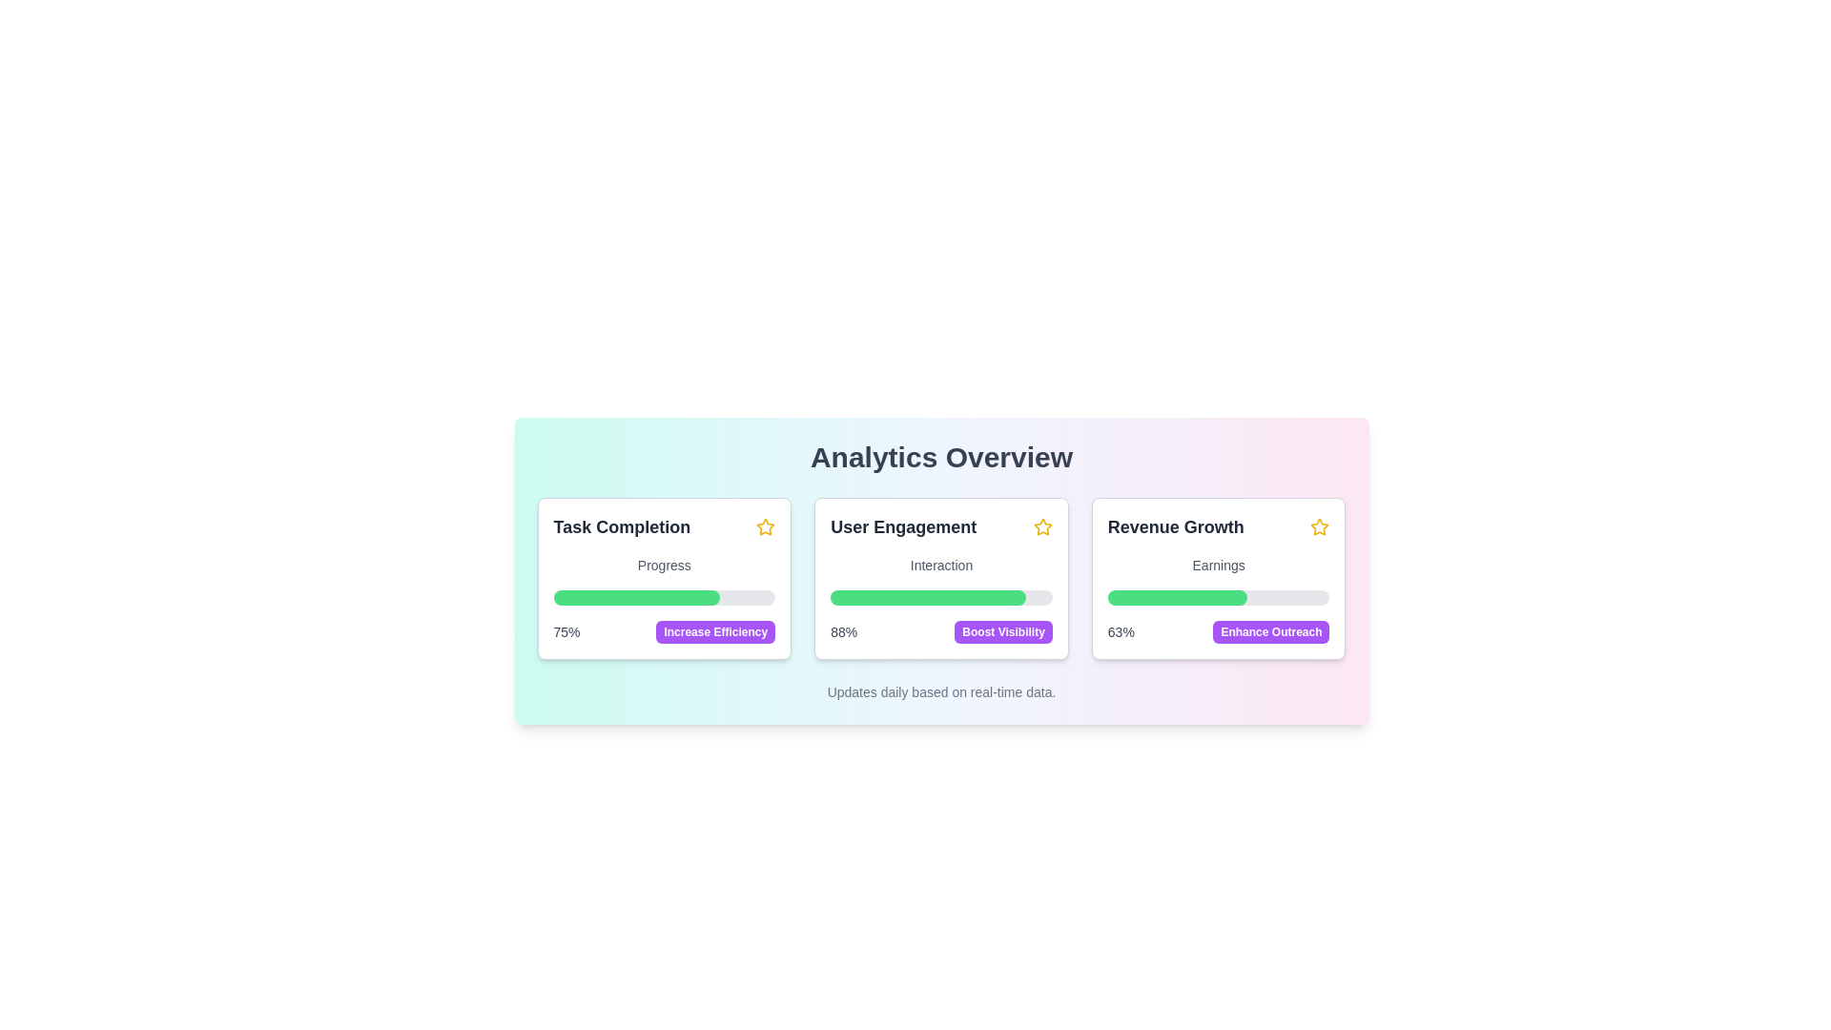 The width and height of the screenshot is (1831, 1030). I want to click on the Progress bar representing 88% User Engagement in the second card of the Analytics Overview section, so click(928, 597).